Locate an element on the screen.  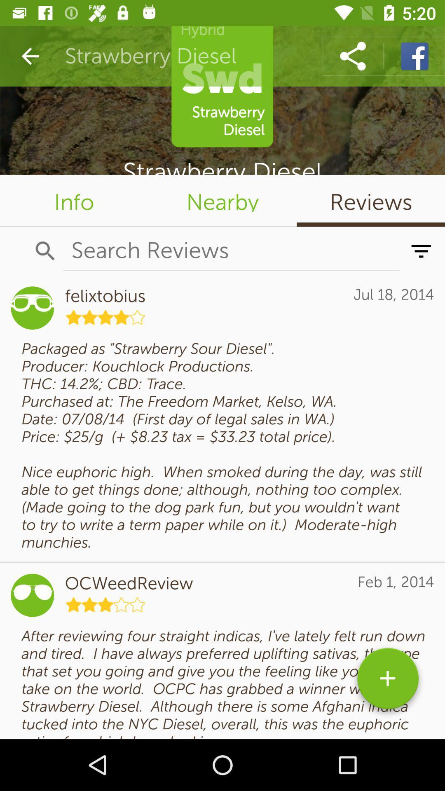
the share button on the web page is located at coordinates (352, 56).